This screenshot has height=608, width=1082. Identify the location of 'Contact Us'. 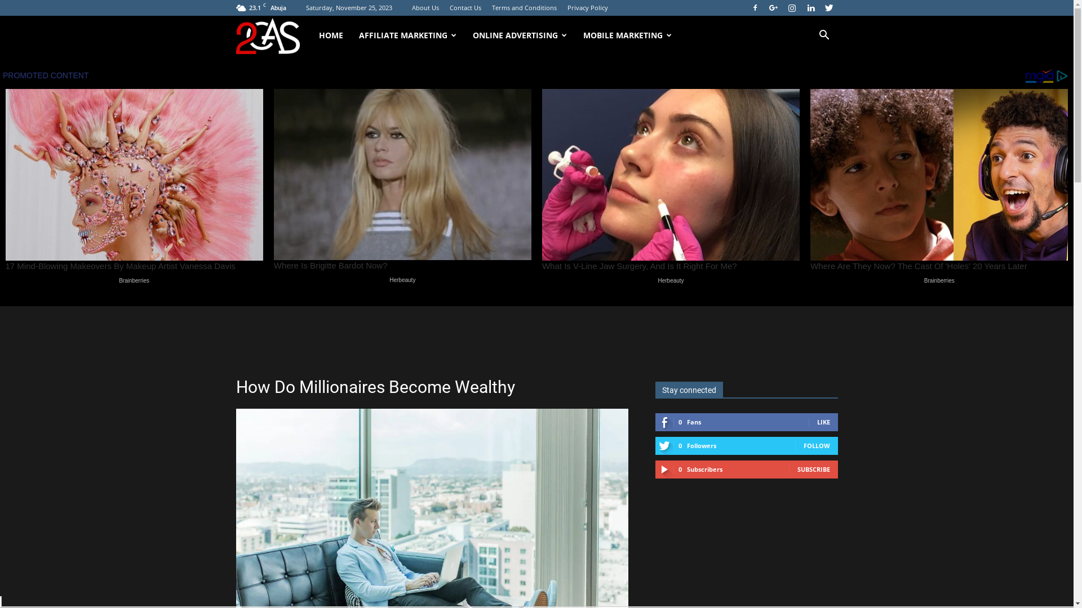
(465, 7).